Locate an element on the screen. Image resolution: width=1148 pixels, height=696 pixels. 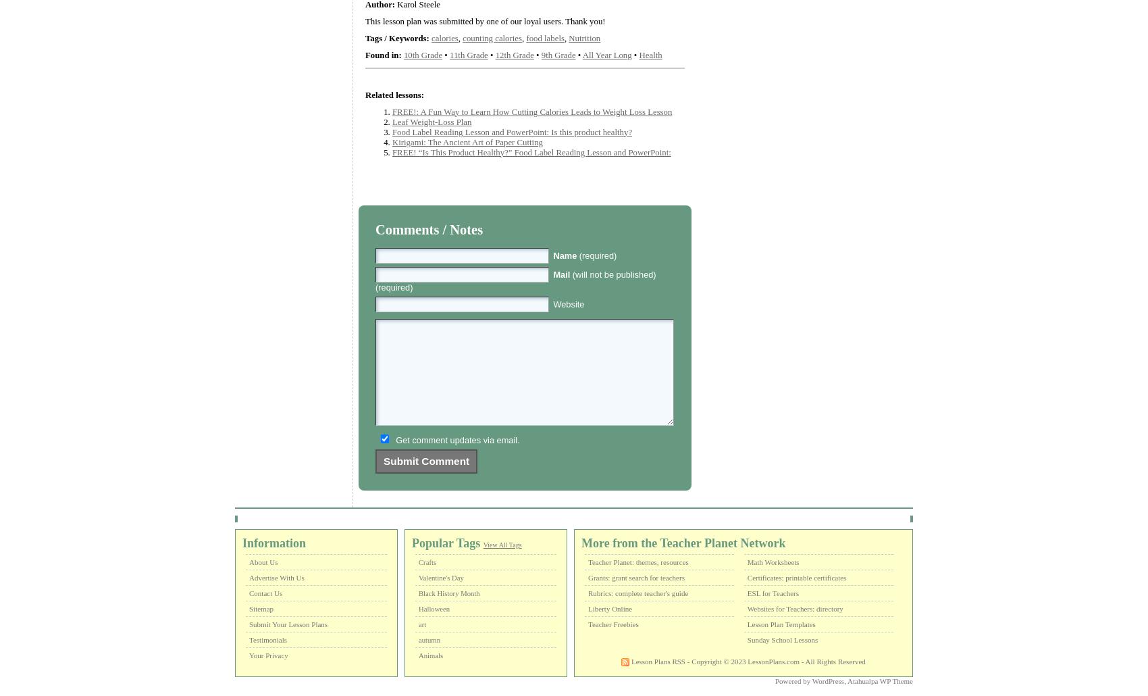
'Crafts' is located at coordinates (427, 561).